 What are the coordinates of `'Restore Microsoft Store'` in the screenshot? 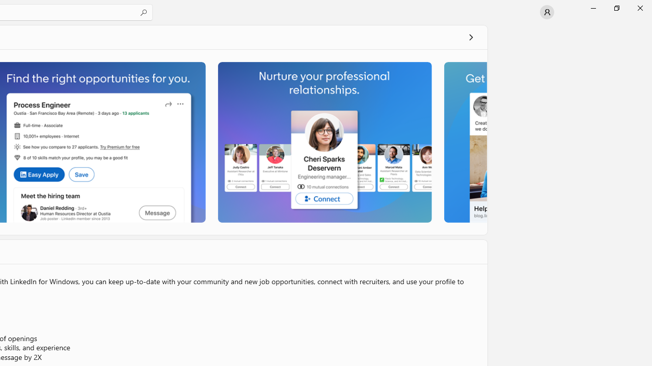 It's located at (616, 8).